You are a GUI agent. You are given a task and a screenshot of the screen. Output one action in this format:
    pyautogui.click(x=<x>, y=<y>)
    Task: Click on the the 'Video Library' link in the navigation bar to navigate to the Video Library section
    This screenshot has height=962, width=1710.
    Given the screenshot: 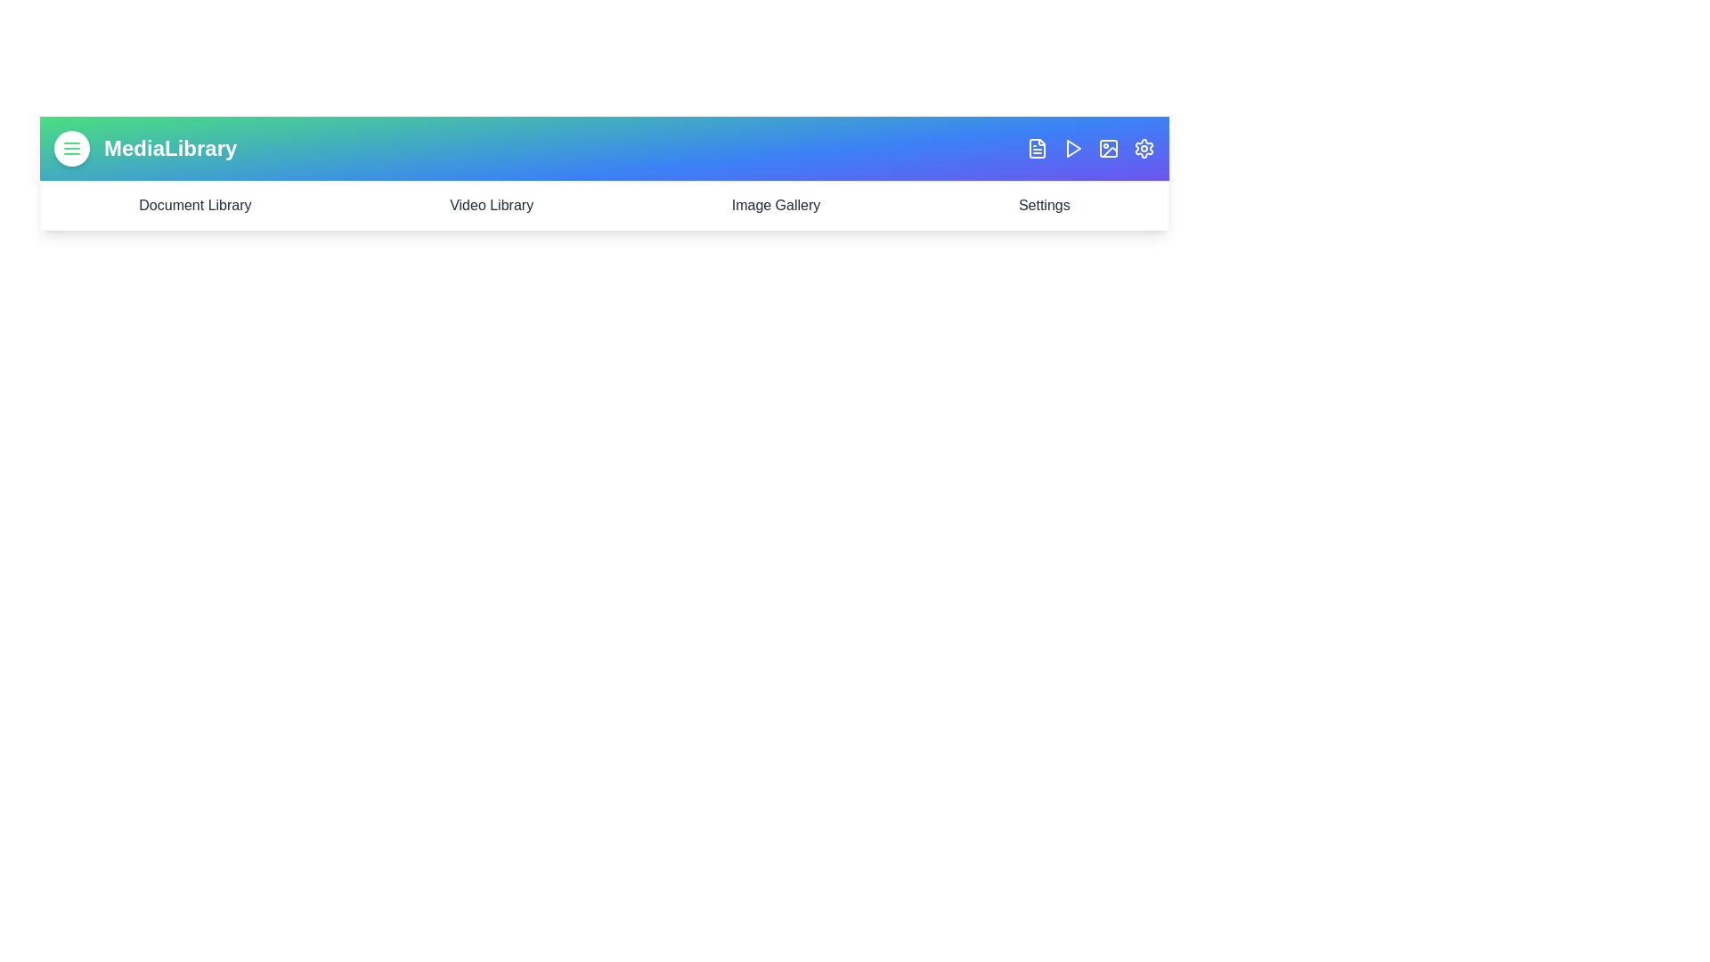 What is the action you would take?
    pyautogui.click(x=492, y=205)
    